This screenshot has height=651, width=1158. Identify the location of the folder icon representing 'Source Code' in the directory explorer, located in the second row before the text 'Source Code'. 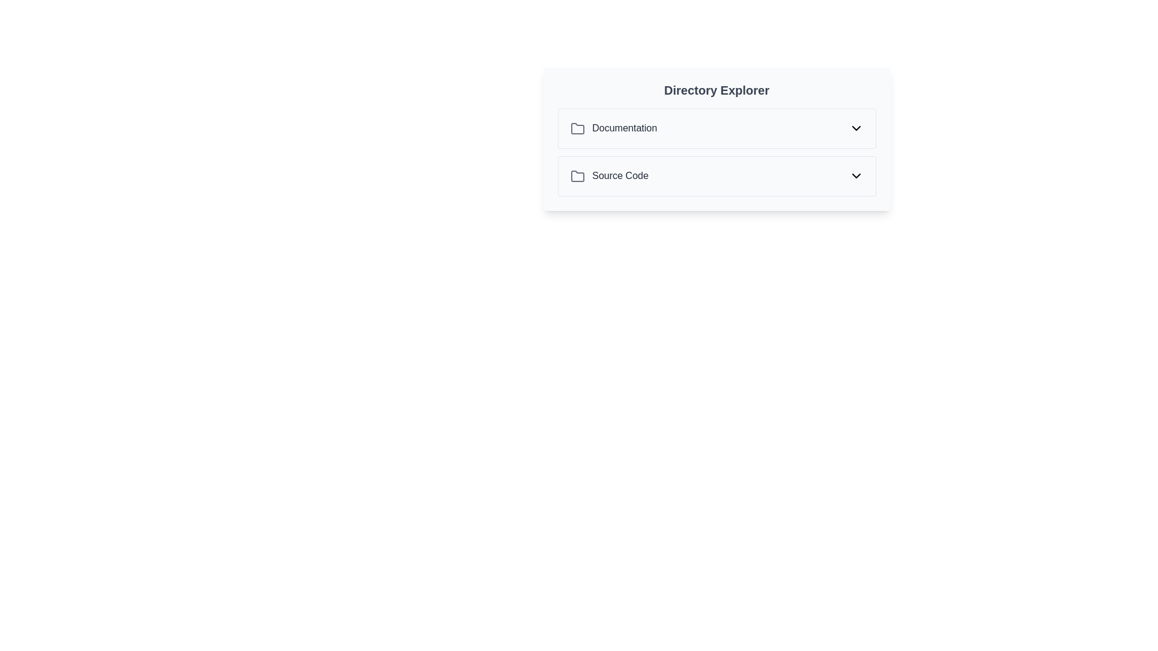
(577, 176).